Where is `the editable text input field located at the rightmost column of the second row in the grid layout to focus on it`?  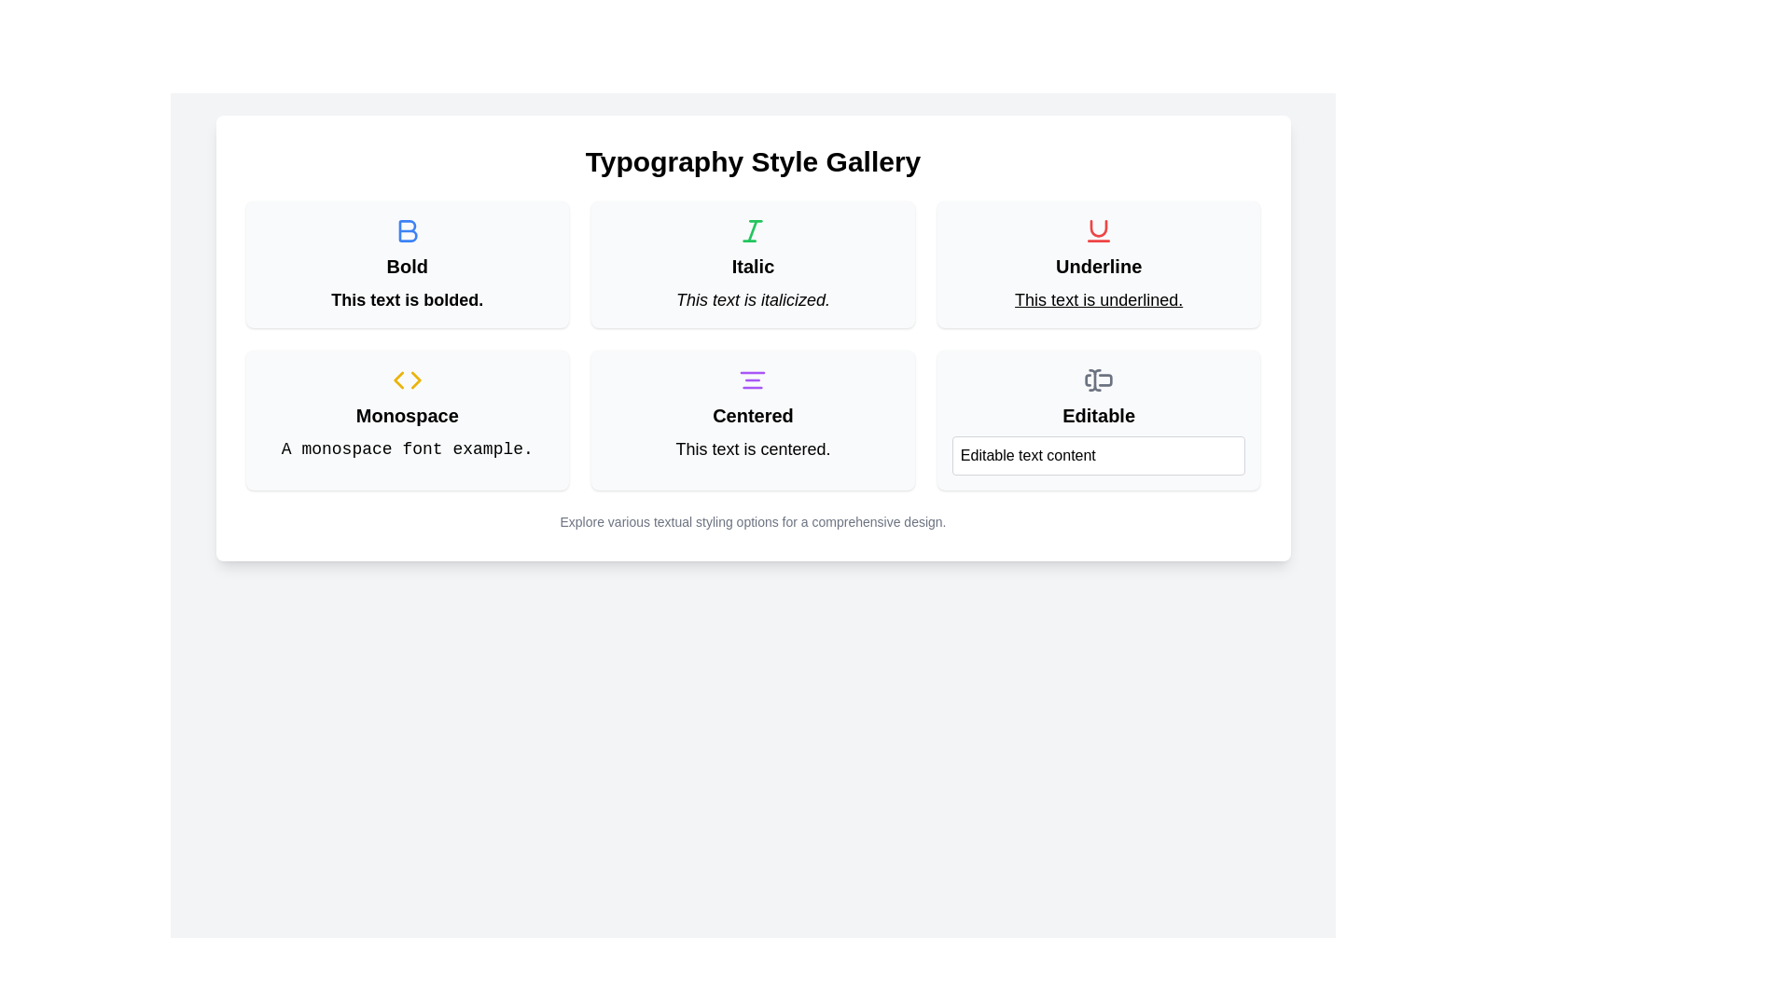 the editable text input field located at the rightmost column of the second row in the grid layout to focus on it is located at coordinates (1099, 421).